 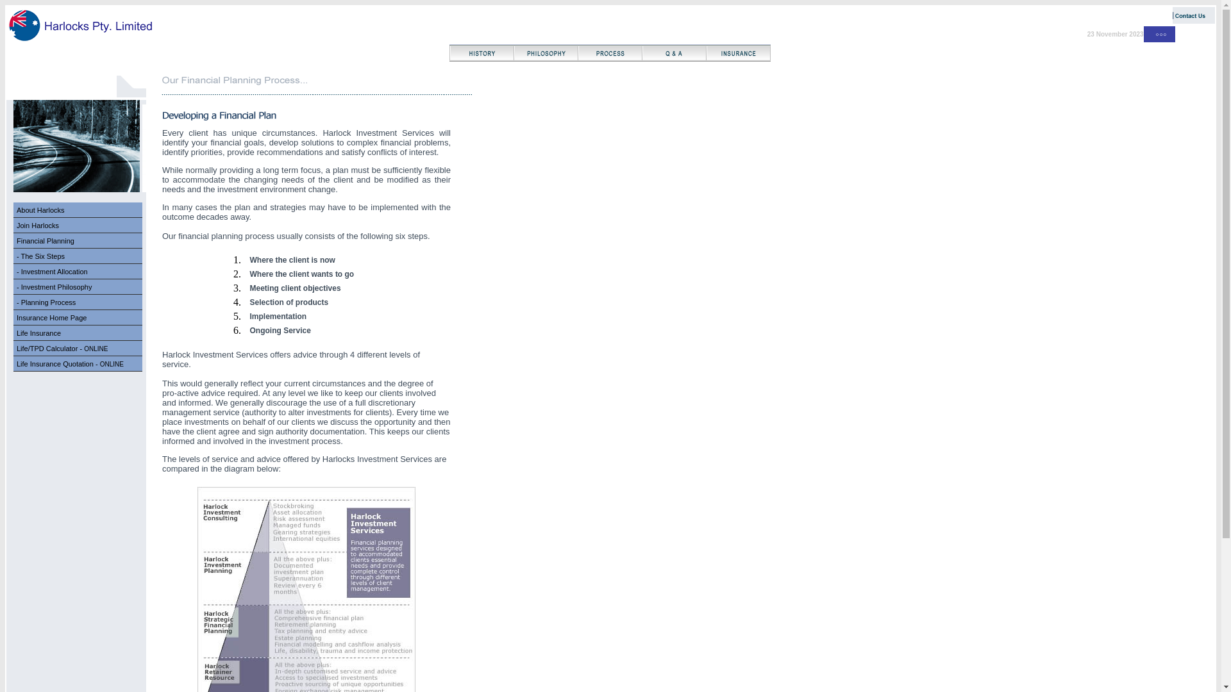 What do you see at coordinates (77, 286) in the screenshot?
I see `'- Investment Philosophy'` at bounding box center [77, 286].